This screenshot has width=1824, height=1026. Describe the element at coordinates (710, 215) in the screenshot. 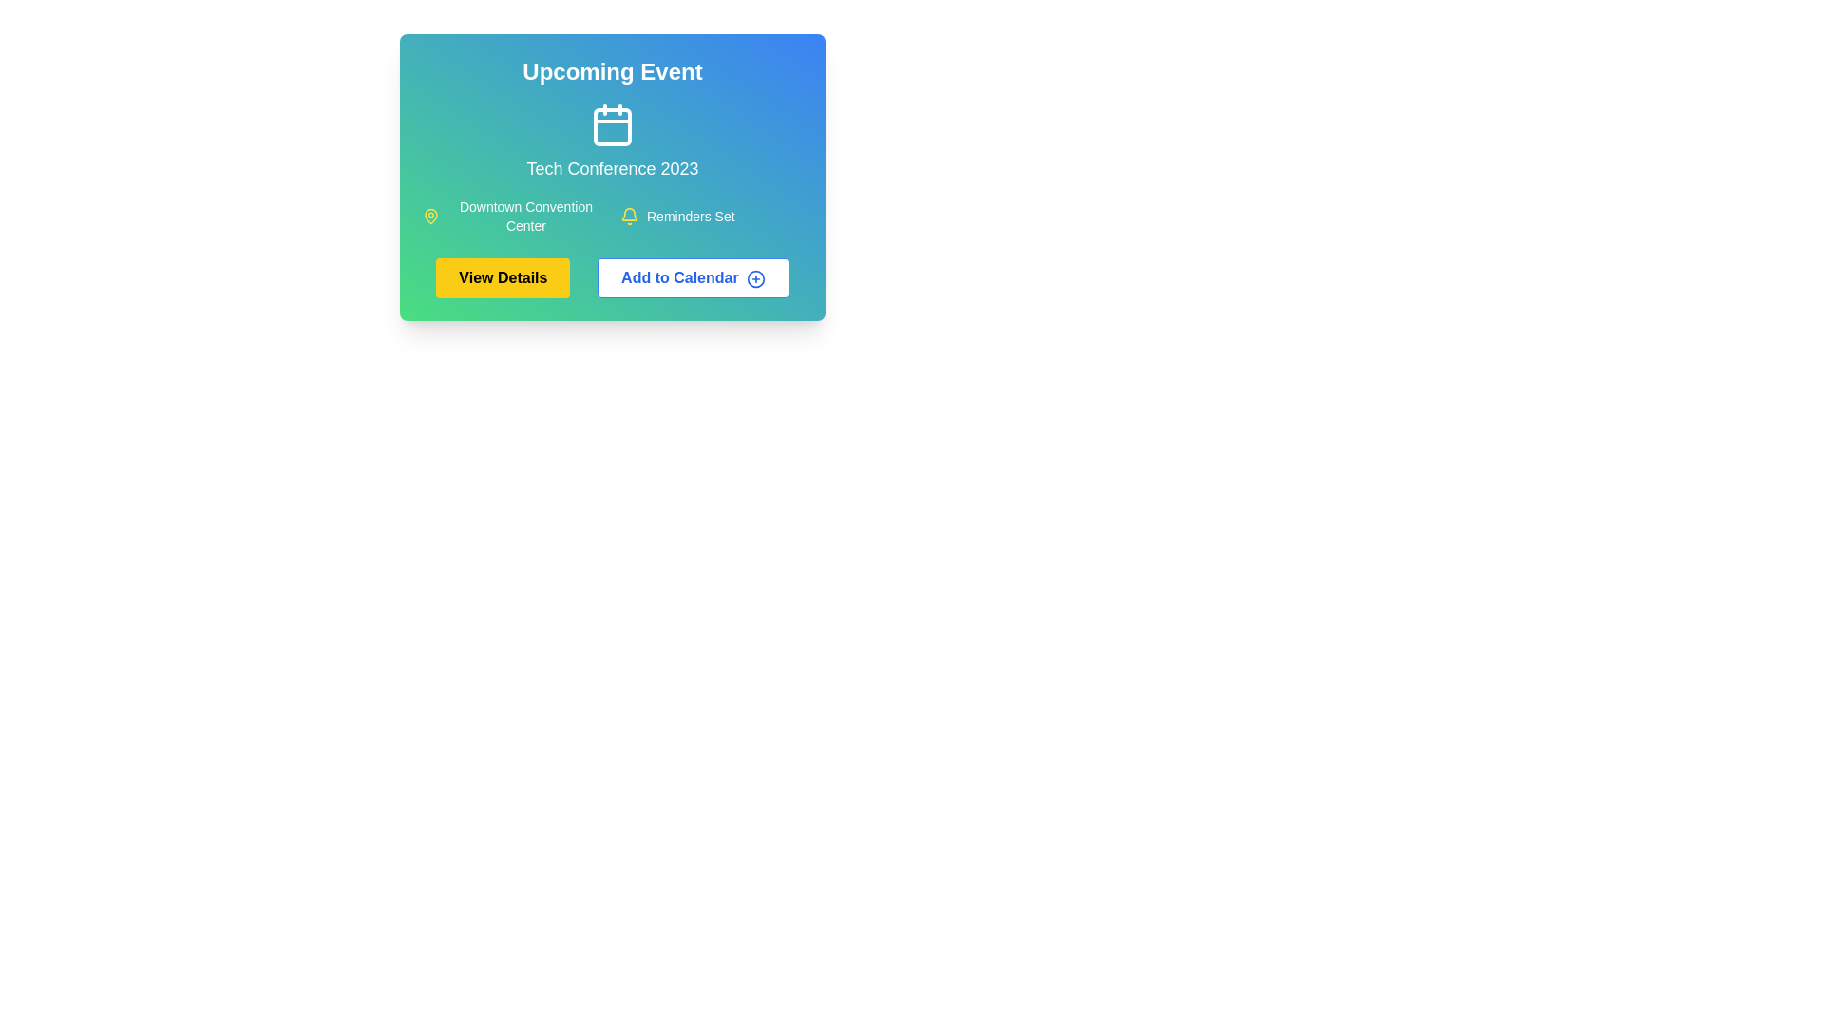

I see `the combined component consisting of a bell icon and the text label 'Reminders Set', which indicates that reminders have been set for the event` at that location.